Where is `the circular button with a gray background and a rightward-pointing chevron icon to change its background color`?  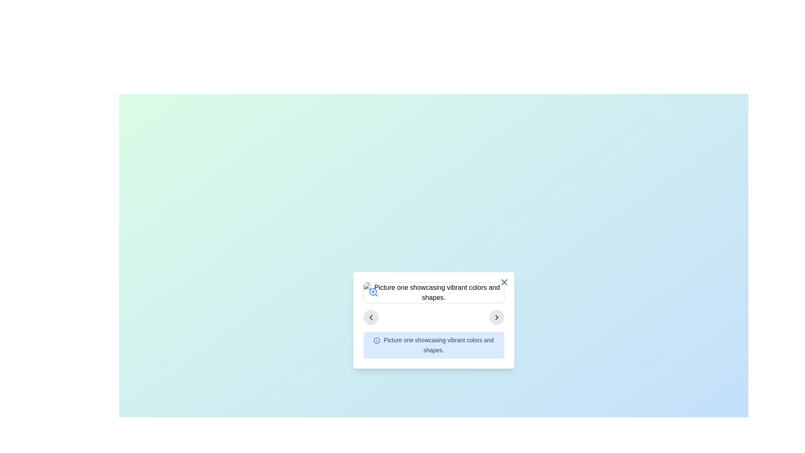 the circular button with a gray background and a rightward-pointing chevron icon to change its background color is located at coordinates (496, 317).